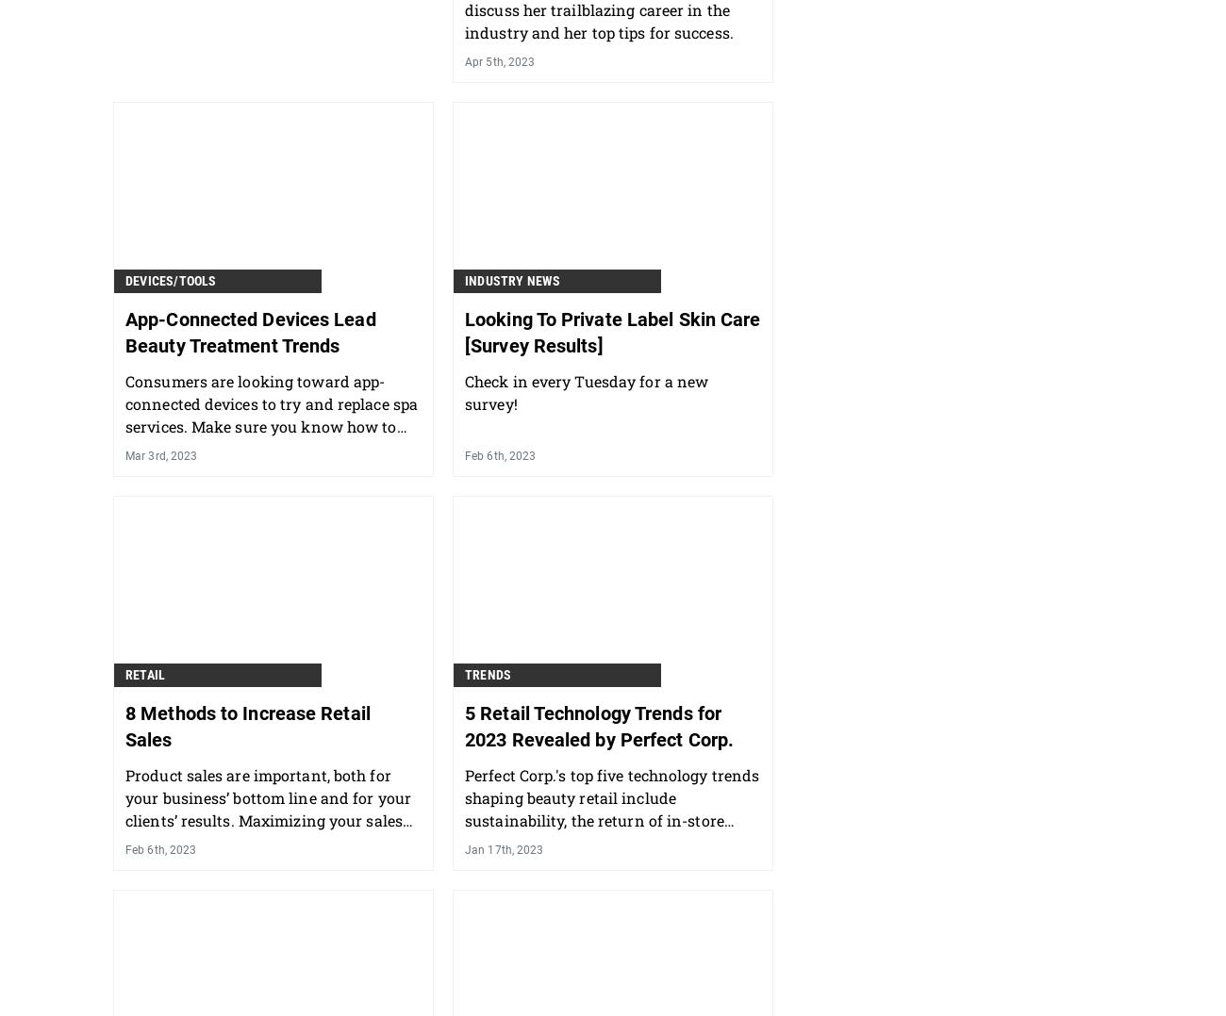  Describe the element at coordinates (271, 426) in the screenshot. I see `'Consumers are looking toward app-connected devices to try and replace spa services. Make sure you know how to show your clients that you work in tandem with these home care options.'` at that location.